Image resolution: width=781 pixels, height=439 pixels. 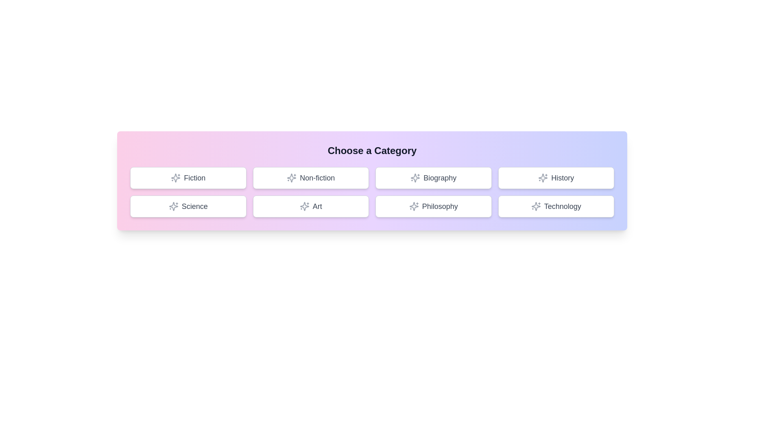 What do you see at coordinates (556, 178) in the screenshot?
I see `the button labeled 'History' to observe the hover effect` at bounding box center [556, 178].